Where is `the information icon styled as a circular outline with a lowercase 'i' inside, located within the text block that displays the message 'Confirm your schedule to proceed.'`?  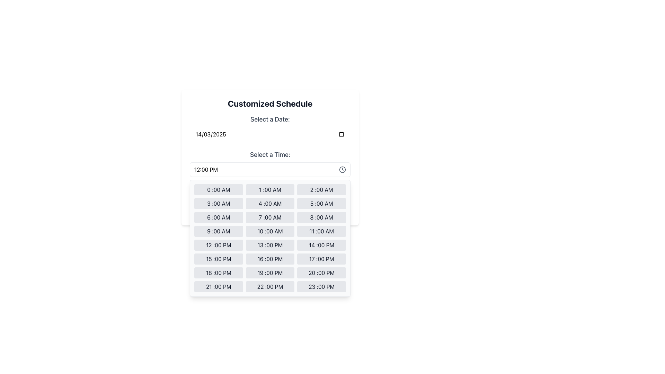
the information icon styled as a circular outline with a lowercase 'i' inside, located within the text block that displays the message 'Confirm your schedule to proceed.' is located at coordinates (229, 189).